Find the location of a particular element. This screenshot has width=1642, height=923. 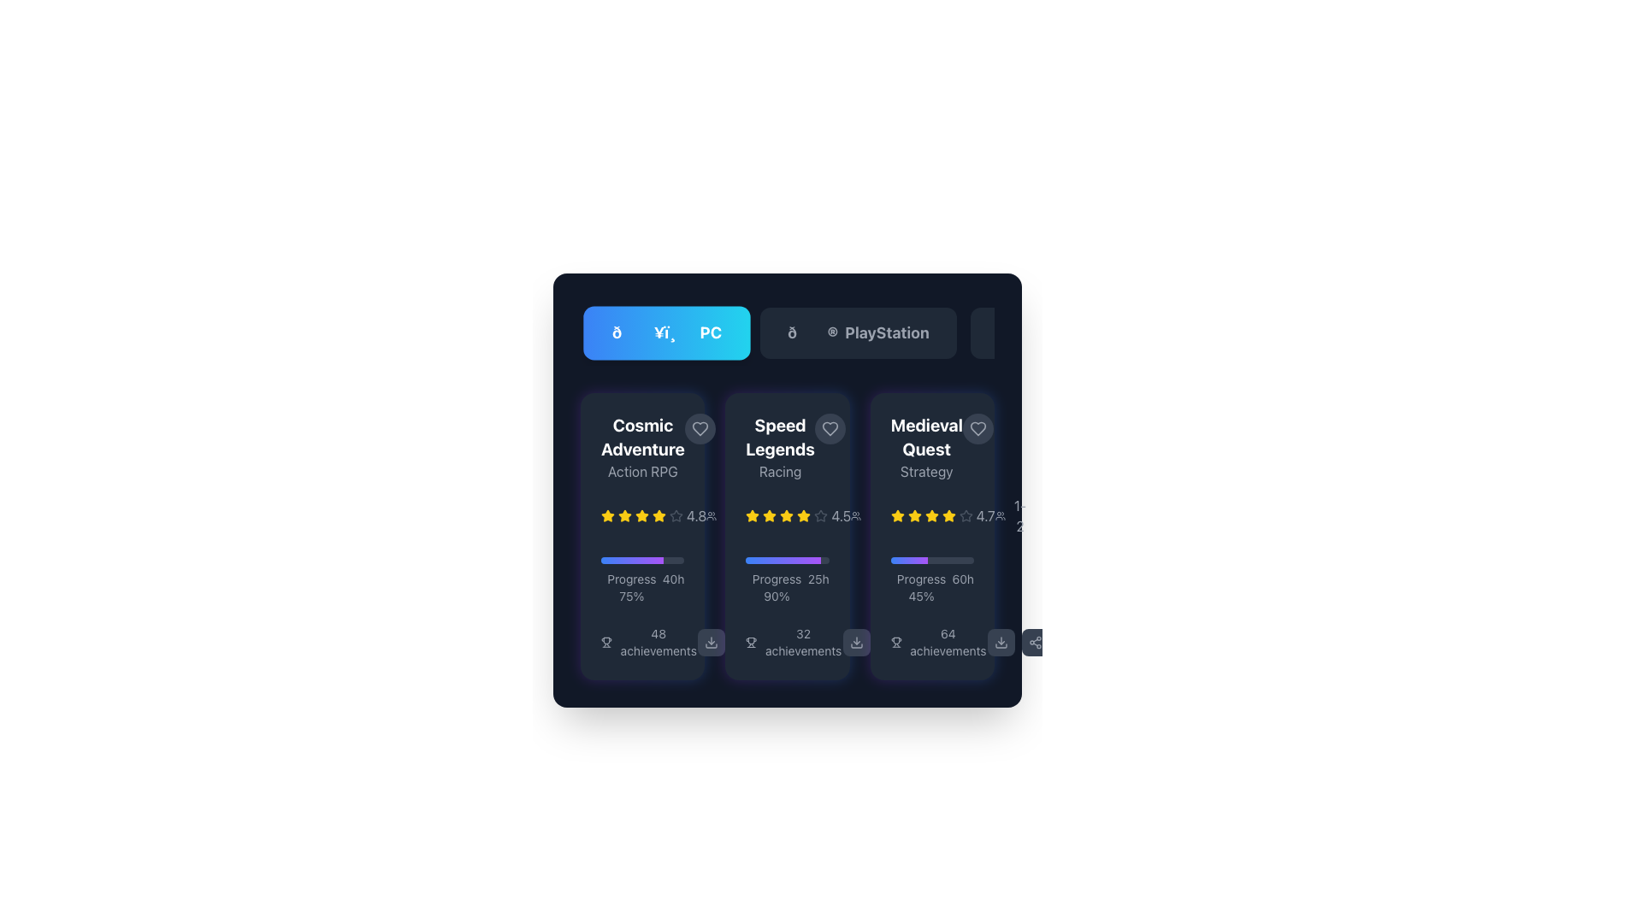

the informative display element featuring a gray user icon and the text '1-8' located in the bottom-right corner of the card-like structure is located at coordinates (867, 515).